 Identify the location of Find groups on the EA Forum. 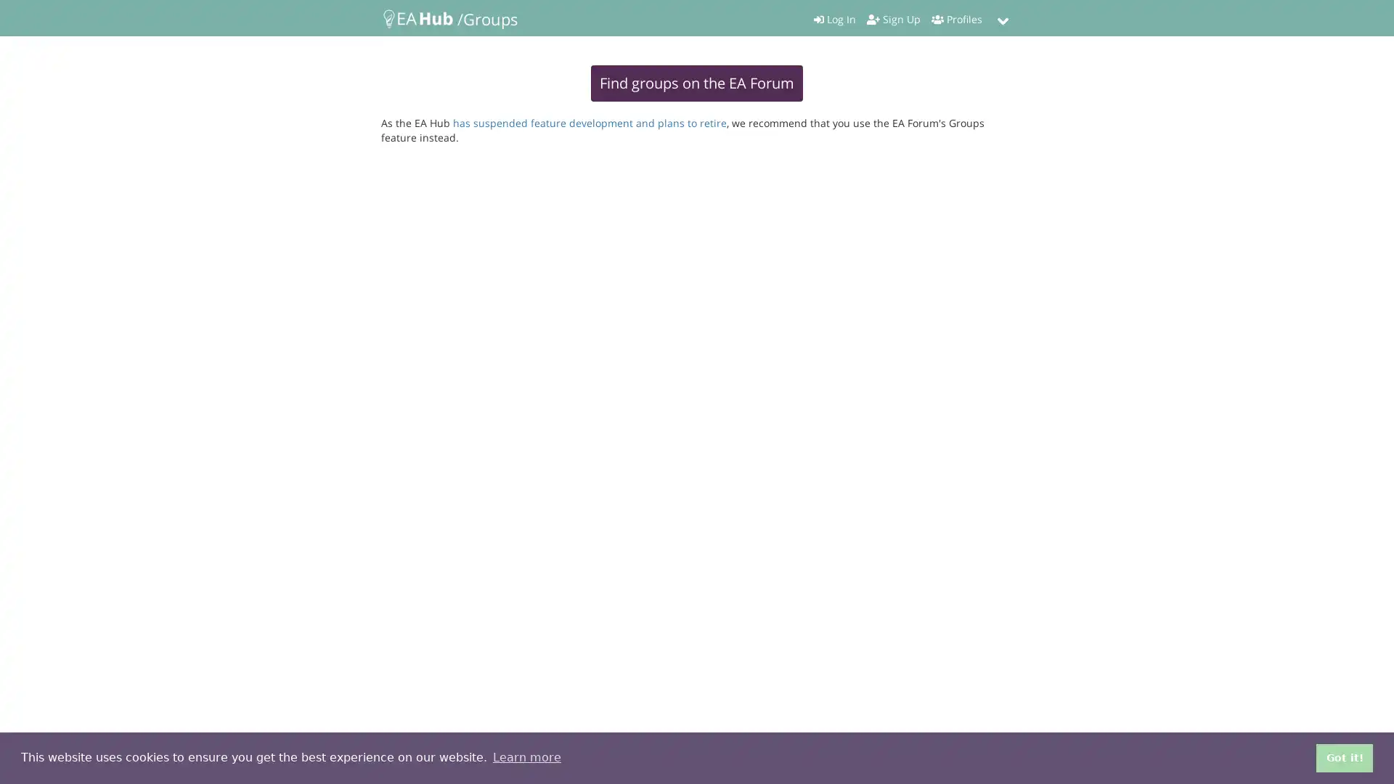
(697, 83).